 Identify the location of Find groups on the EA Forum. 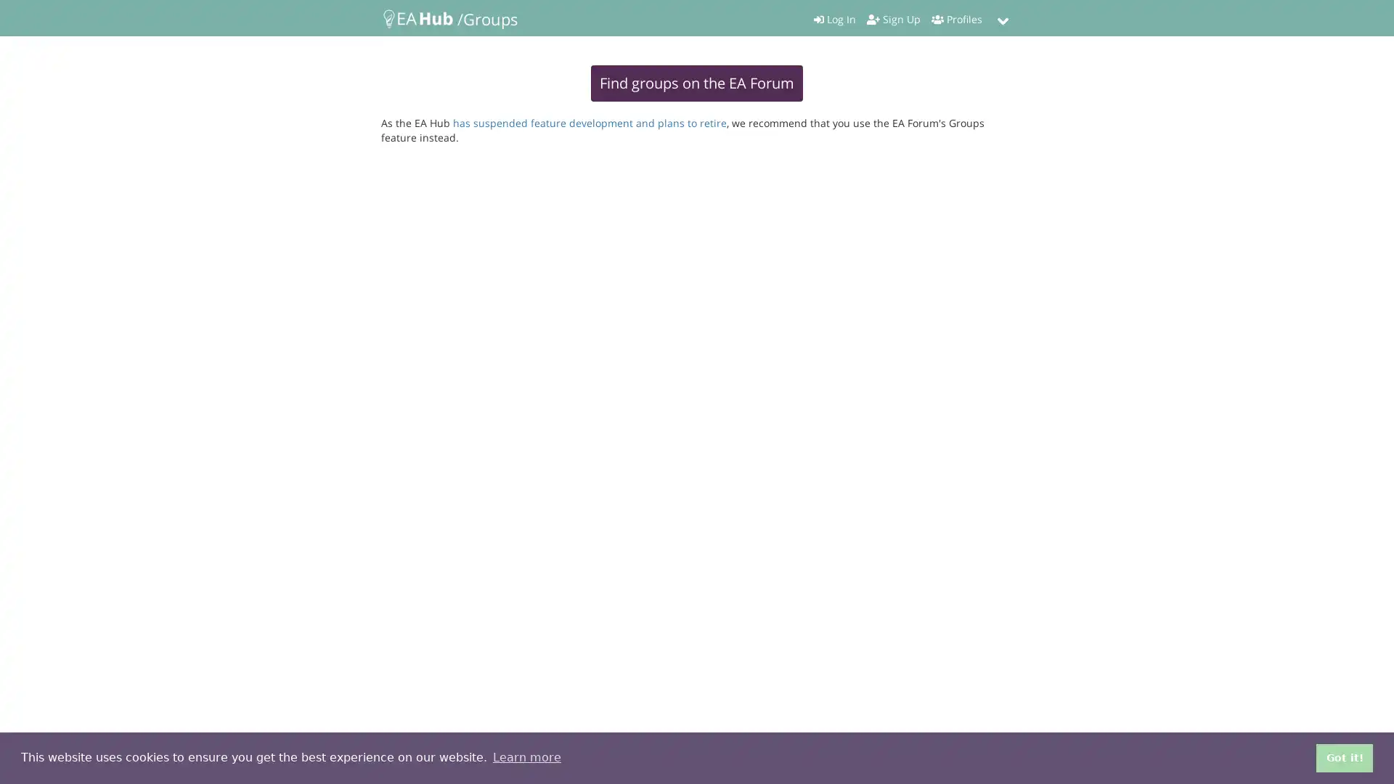
(697, 83).